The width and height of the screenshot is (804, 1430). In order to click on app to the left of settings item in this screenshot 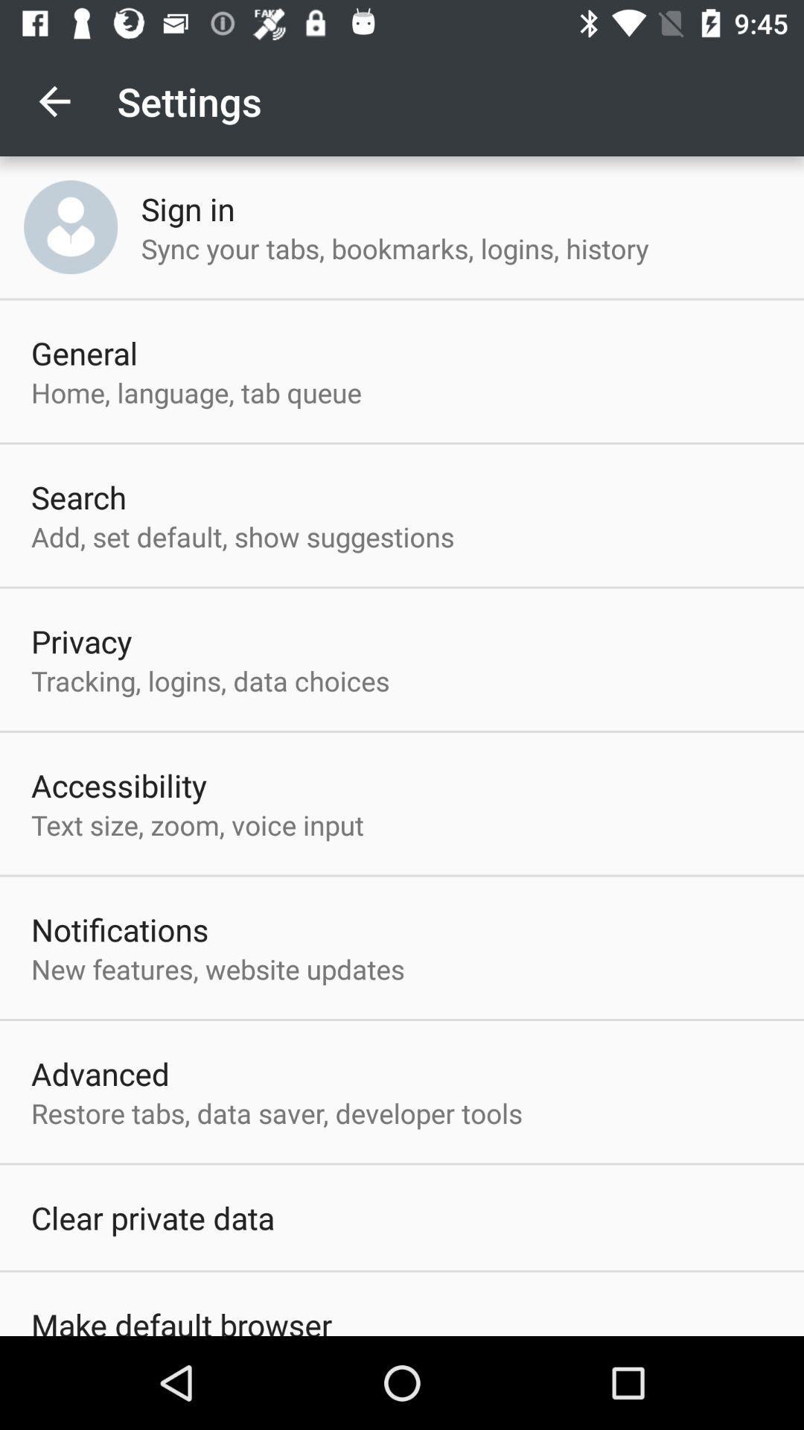, I will do `click(54, 101)`.